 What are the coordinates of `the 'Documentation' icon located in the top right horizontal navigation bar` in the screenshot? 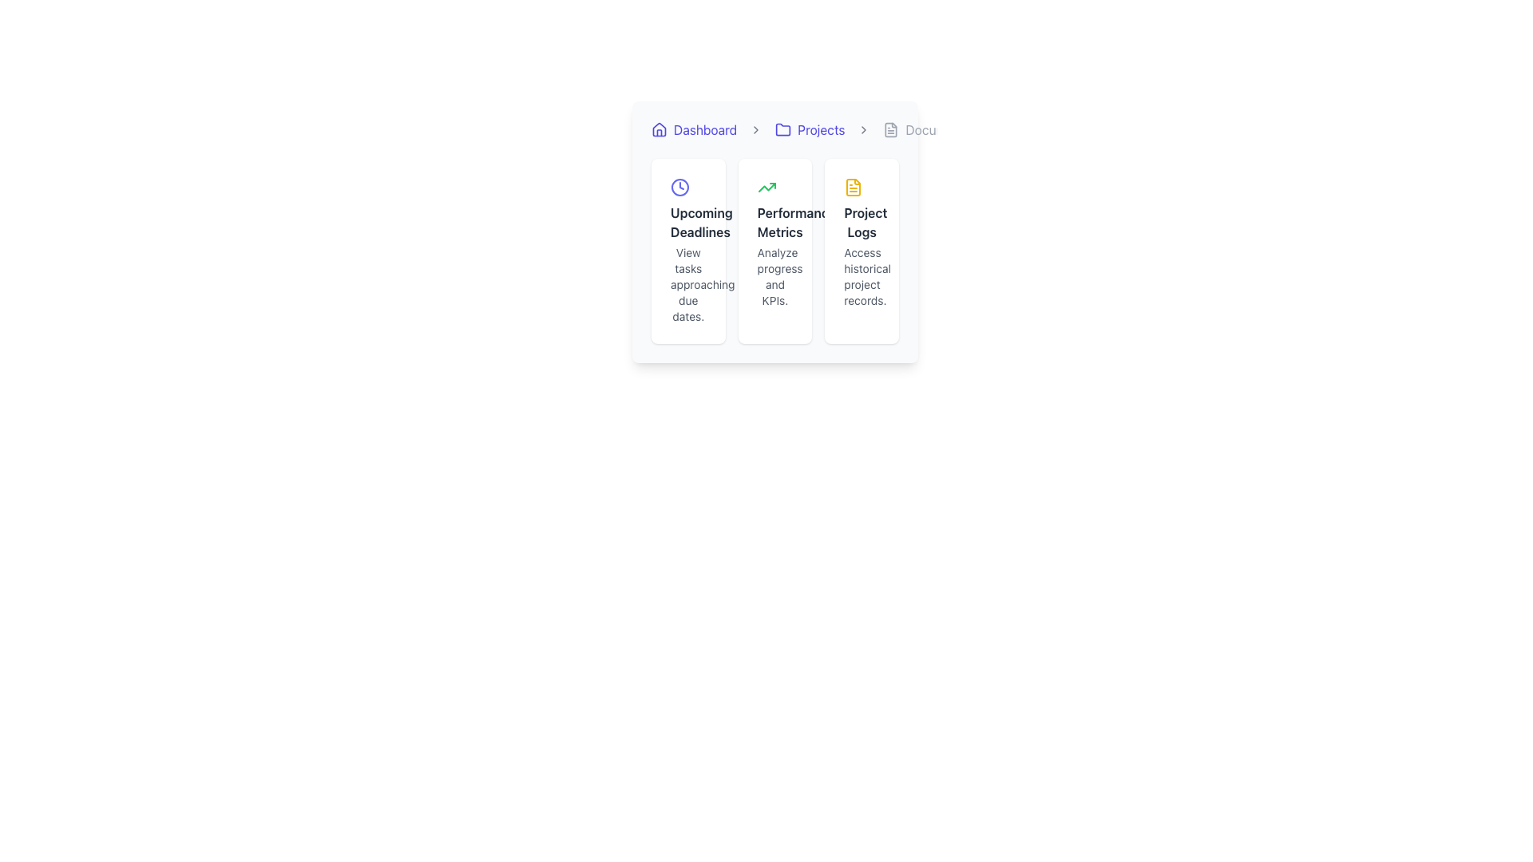 It's located at (890, 129).